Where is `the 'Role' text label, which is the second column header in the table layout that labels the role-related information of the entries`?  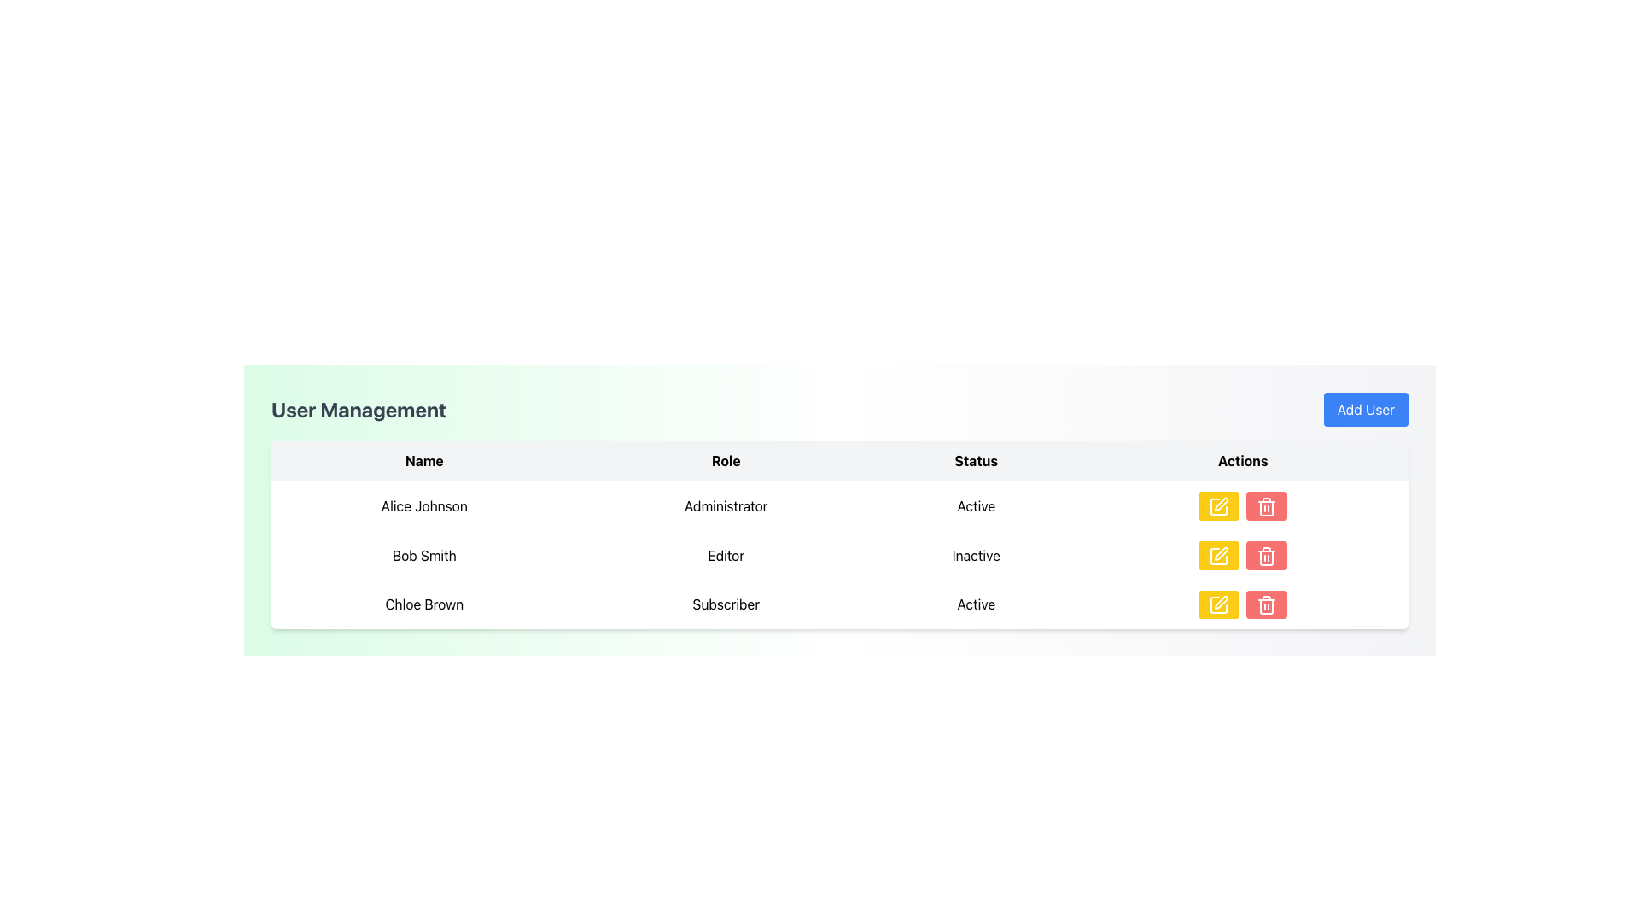
the 'Role' text label, which is the second column header in the table layout that labels the role-related information of the entries is located at coordinates (726, 461).